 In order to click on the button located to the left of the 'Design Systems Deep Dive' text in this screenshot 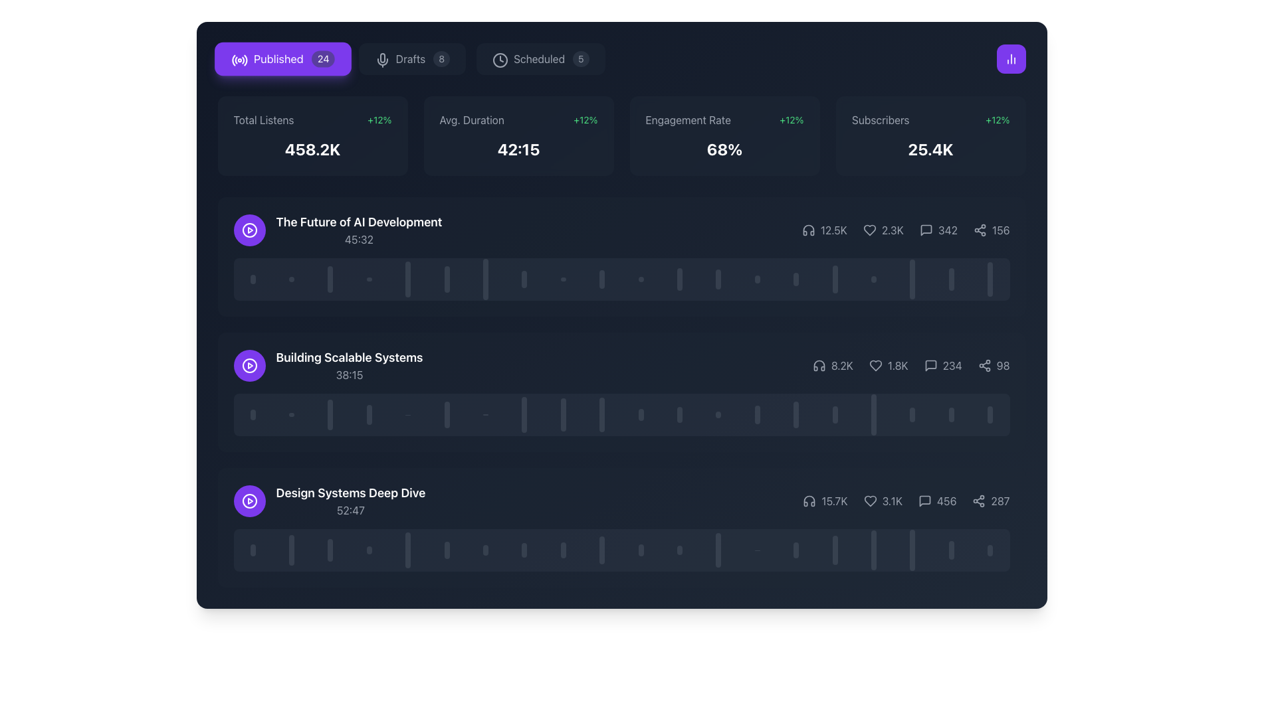, I will do `click(249, 501)`.